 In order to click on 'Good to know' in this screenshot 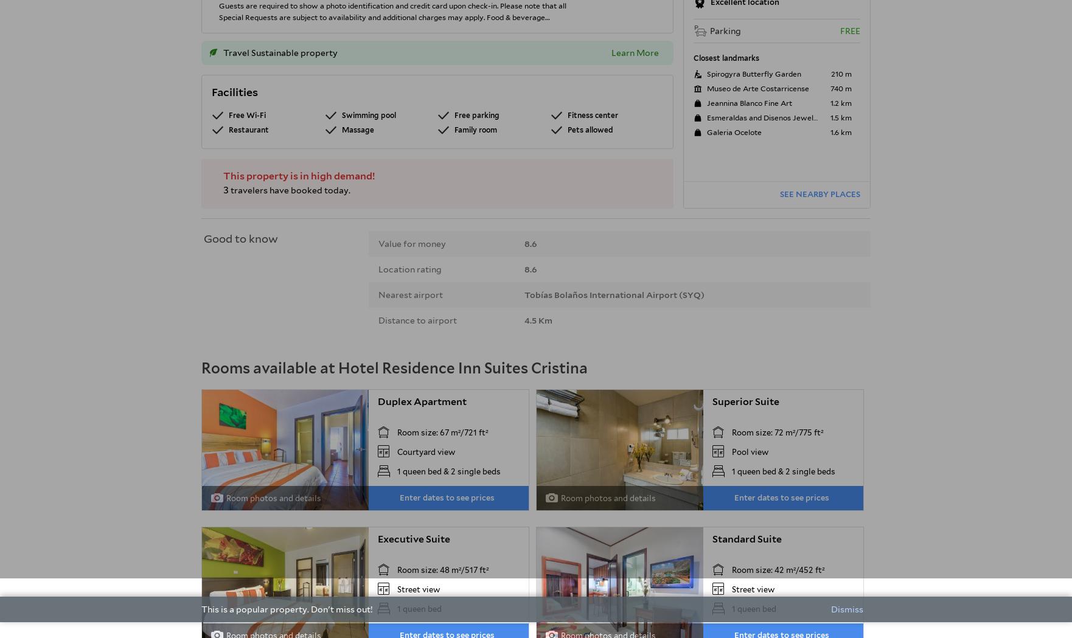, I will do `click(240, 238)`.